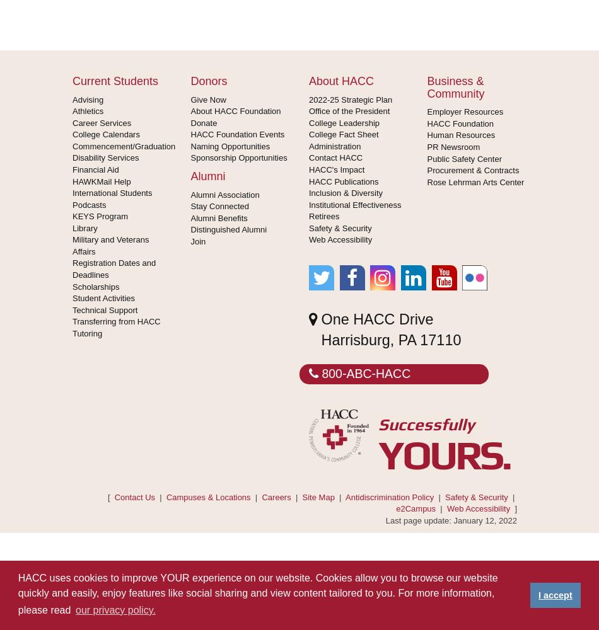 The height and width of the screenshot is (630, 599). Describe the element at coordinates (309, 99) in the screenshot. I see `'2022-25 Strategic Plan'` at that location.